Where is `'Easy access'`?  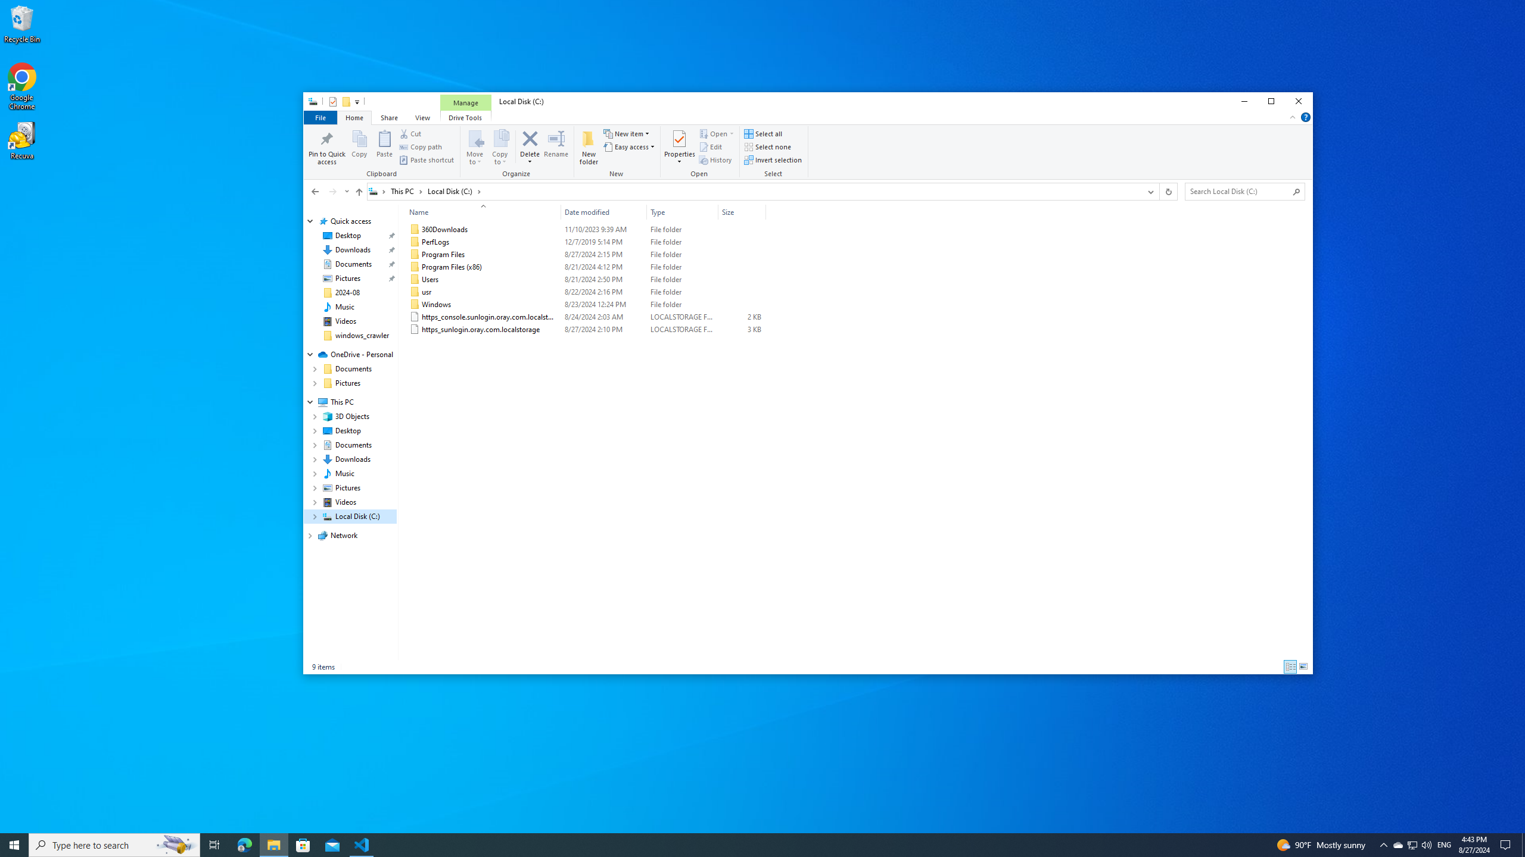
'Easy access' is located at coordinates (628, 146).